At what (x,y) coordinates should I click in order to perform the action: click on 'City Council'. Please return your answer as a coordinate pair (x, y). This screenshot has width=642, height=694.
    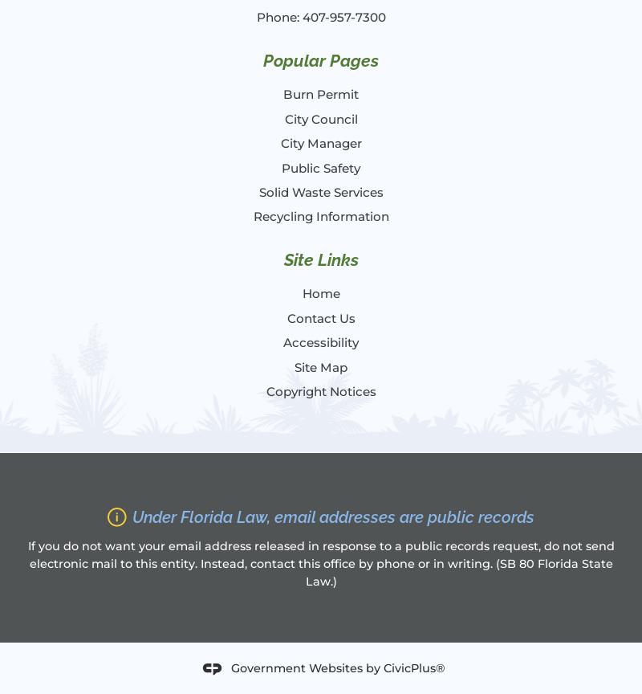
    Looking at the image, I should click on (284, 117).